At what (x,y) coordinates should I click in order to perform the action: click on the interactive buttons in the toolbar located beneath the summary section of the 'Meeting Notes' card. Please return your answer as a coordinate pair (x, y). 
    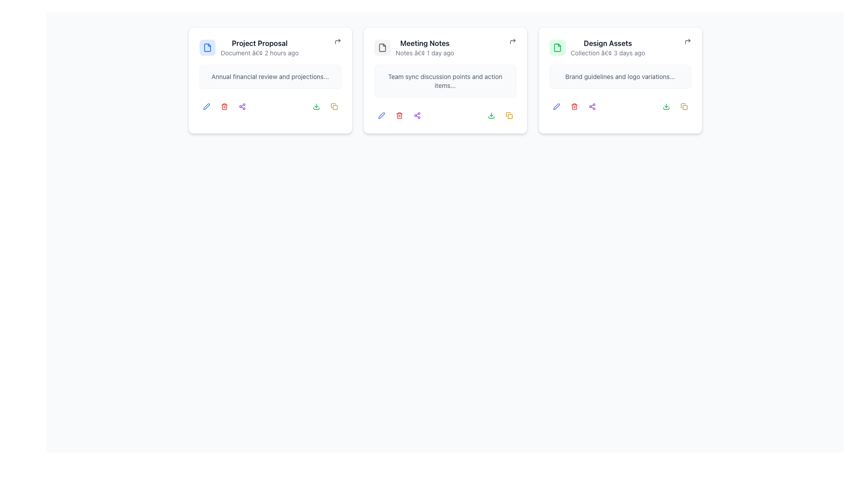
    Looking at the image, I should click on (445, 113).